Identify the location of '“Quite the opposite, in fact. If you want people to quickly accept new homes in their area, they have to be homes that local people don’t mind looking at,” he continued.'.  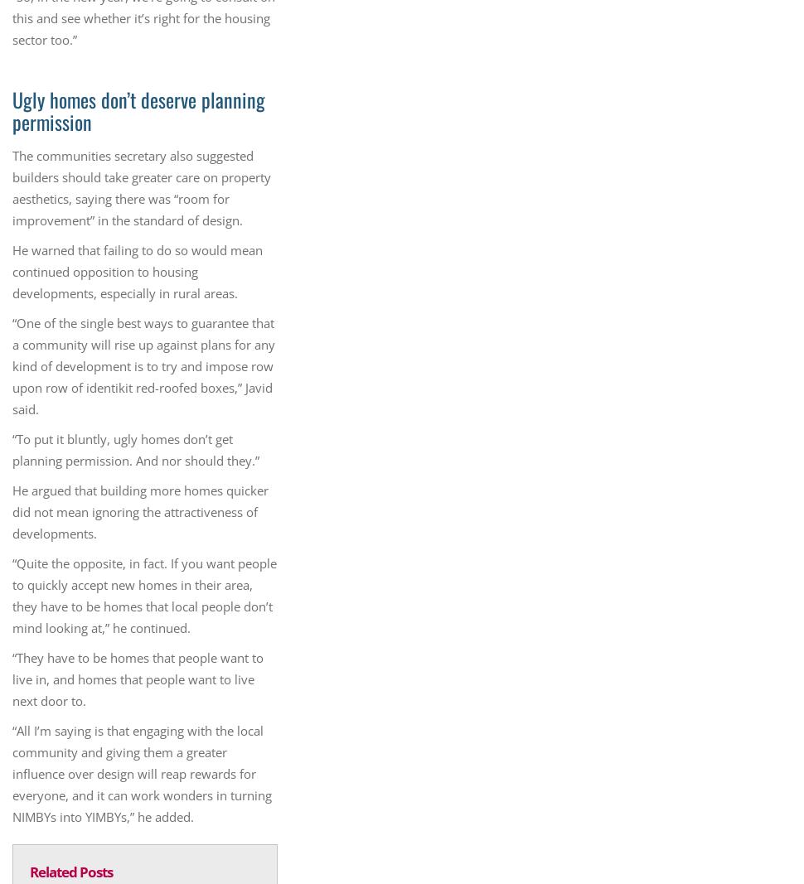
(143, 595).